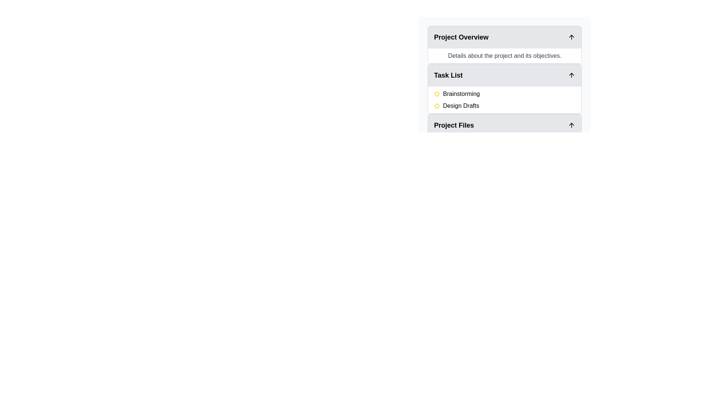 The width and height of the screenshot is (716, 403). Describe the element at coordinates (505, 56) in the screenshot. I see `the textual description element in the 'Project Overview' section, which serves as an introductory text for the project objectives` at that location.